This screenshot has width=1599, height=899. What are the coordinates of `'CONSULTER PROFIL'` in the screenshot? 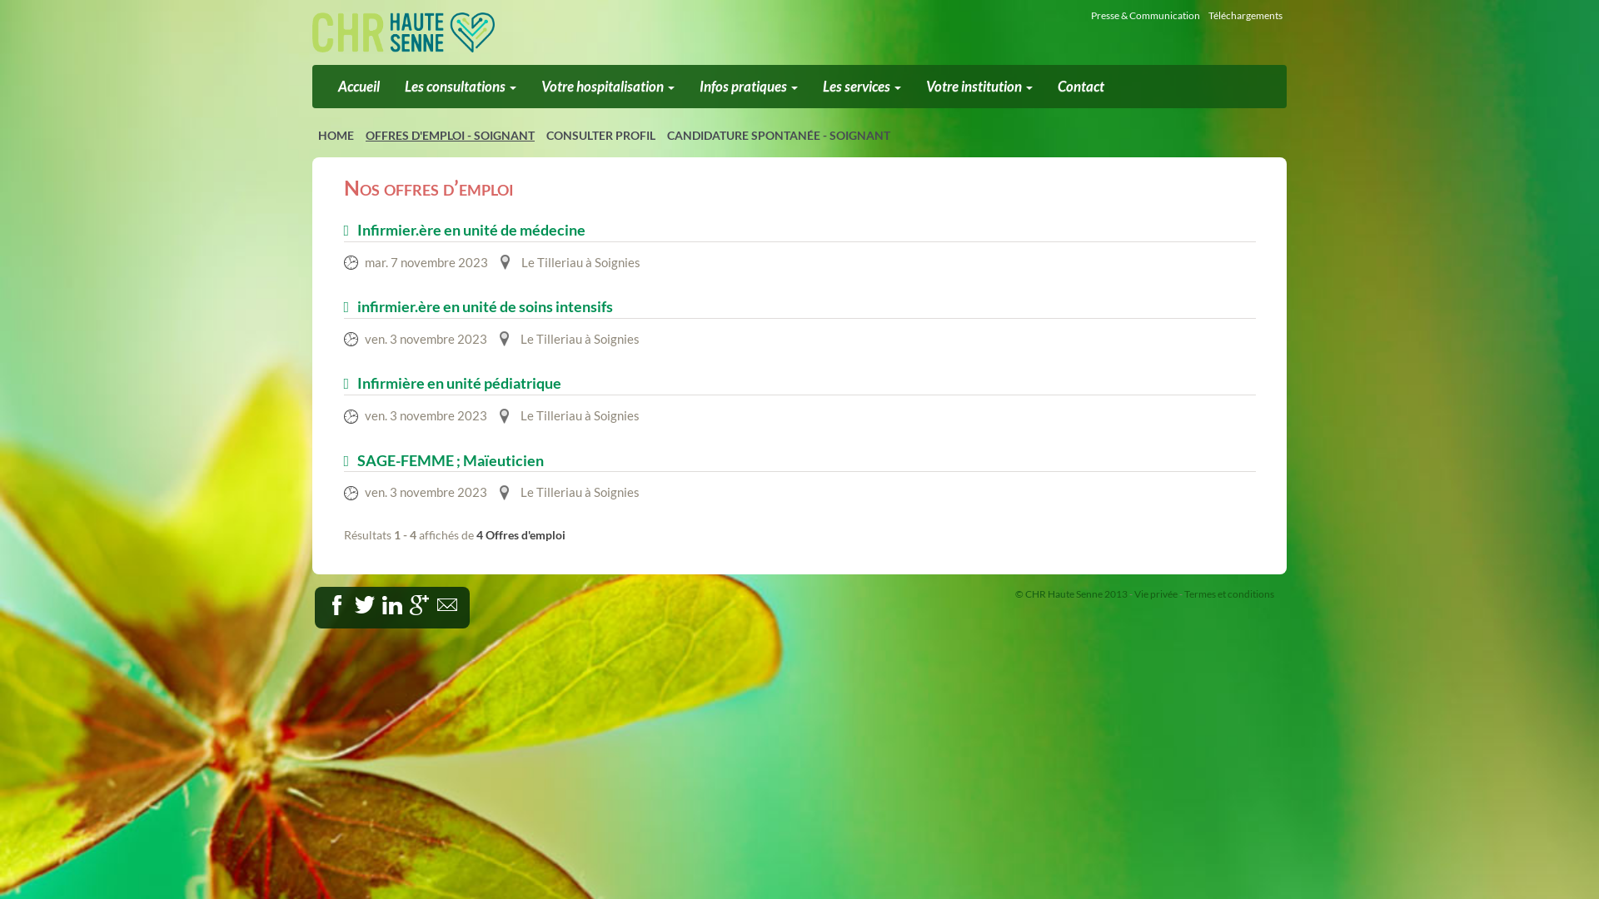 It's located at (600, 134).